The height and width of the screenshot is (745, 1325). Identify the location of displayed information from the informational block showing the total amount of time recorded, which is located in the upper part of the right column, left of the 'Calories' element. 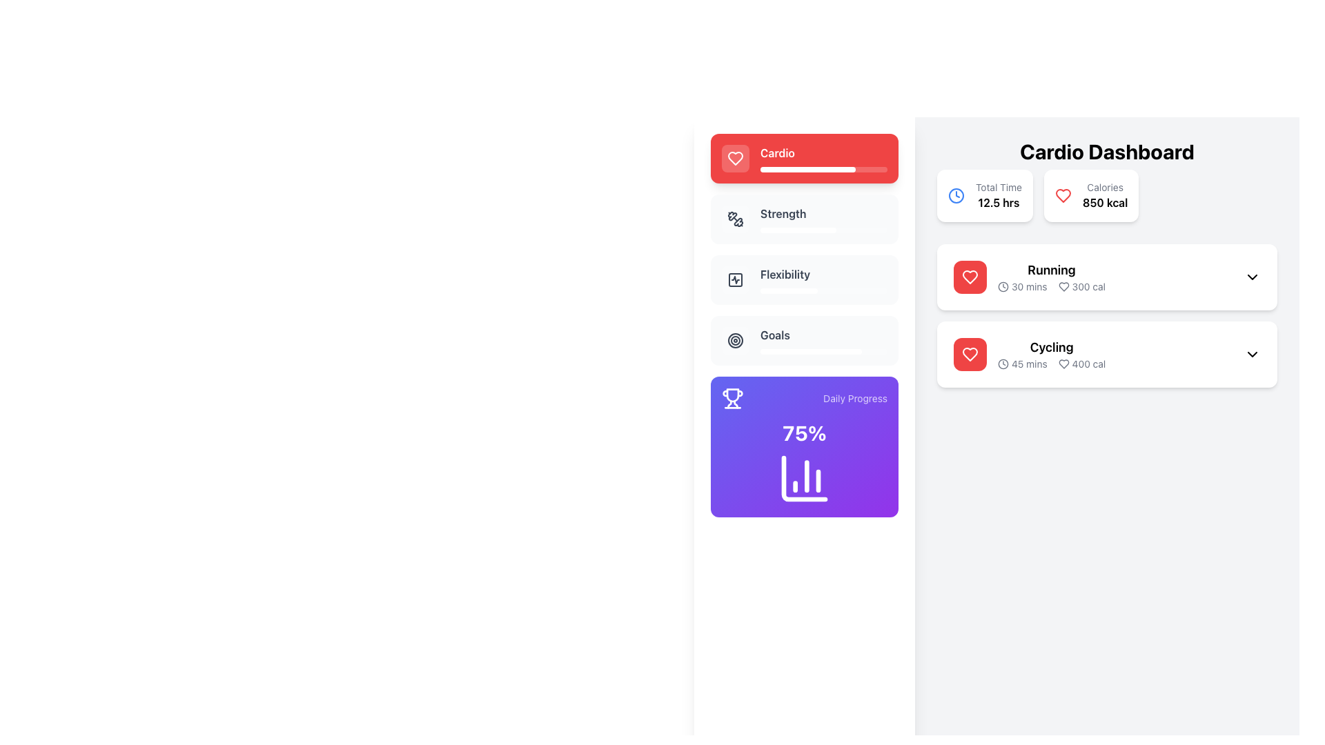
(984, 196).